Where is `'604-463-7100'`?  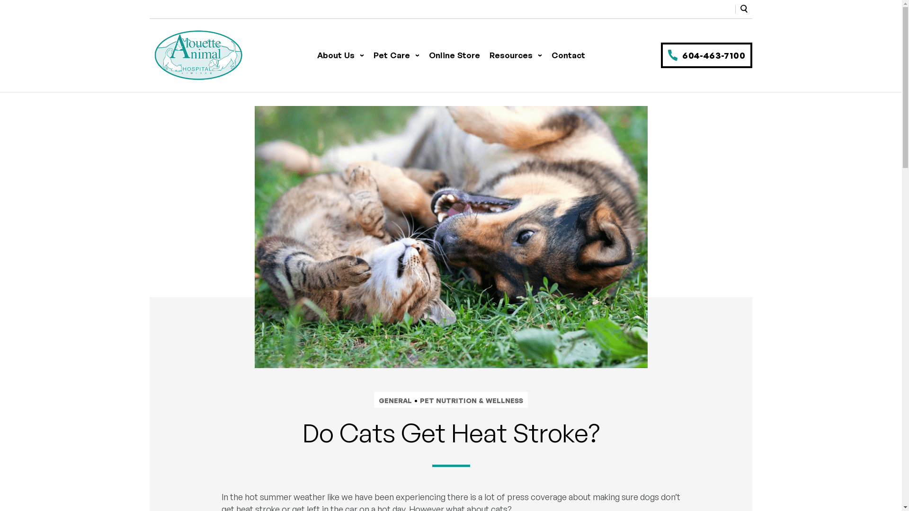 '604-463-7100' is located at coordinates (706, 55).